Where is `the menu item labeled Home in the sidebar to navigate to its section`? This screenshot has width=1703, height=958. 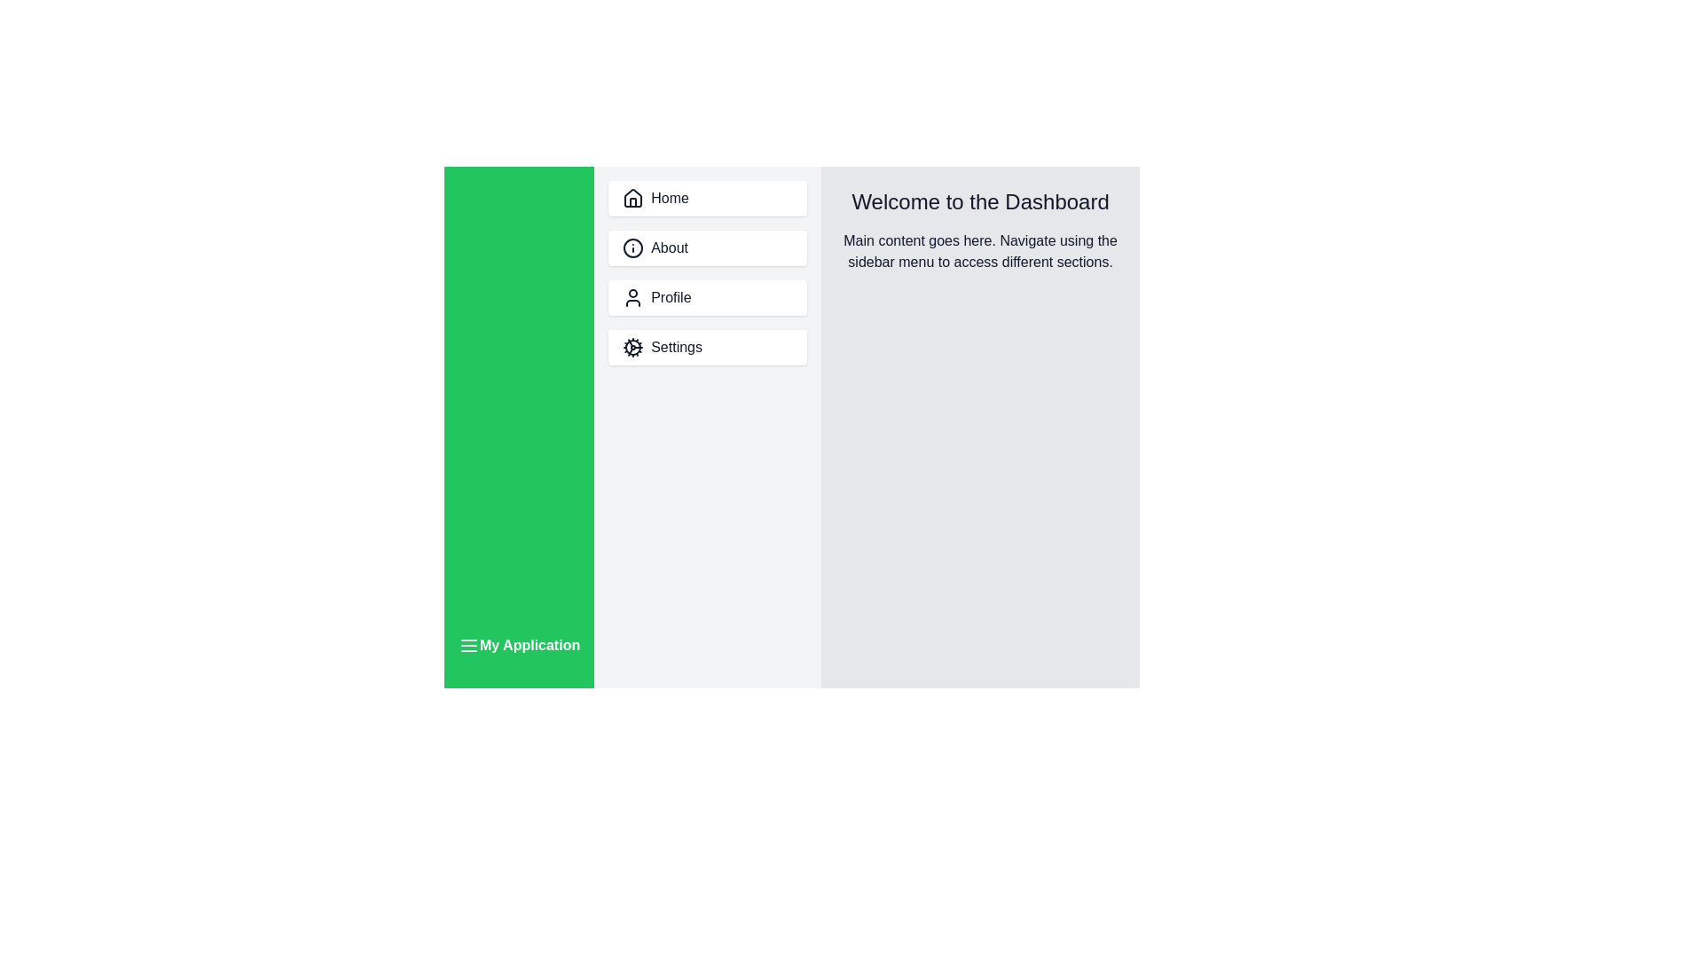
the menu item labeled Home in the sidebar to navigate to its section is located at coordinates (706, 198).